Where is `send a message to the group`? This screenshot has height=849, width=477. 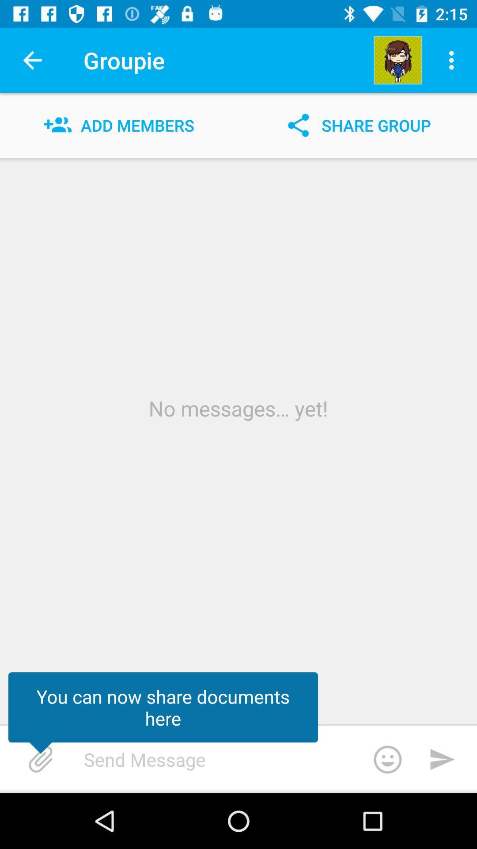
send a message to the group is located at coordinates (250, 759).